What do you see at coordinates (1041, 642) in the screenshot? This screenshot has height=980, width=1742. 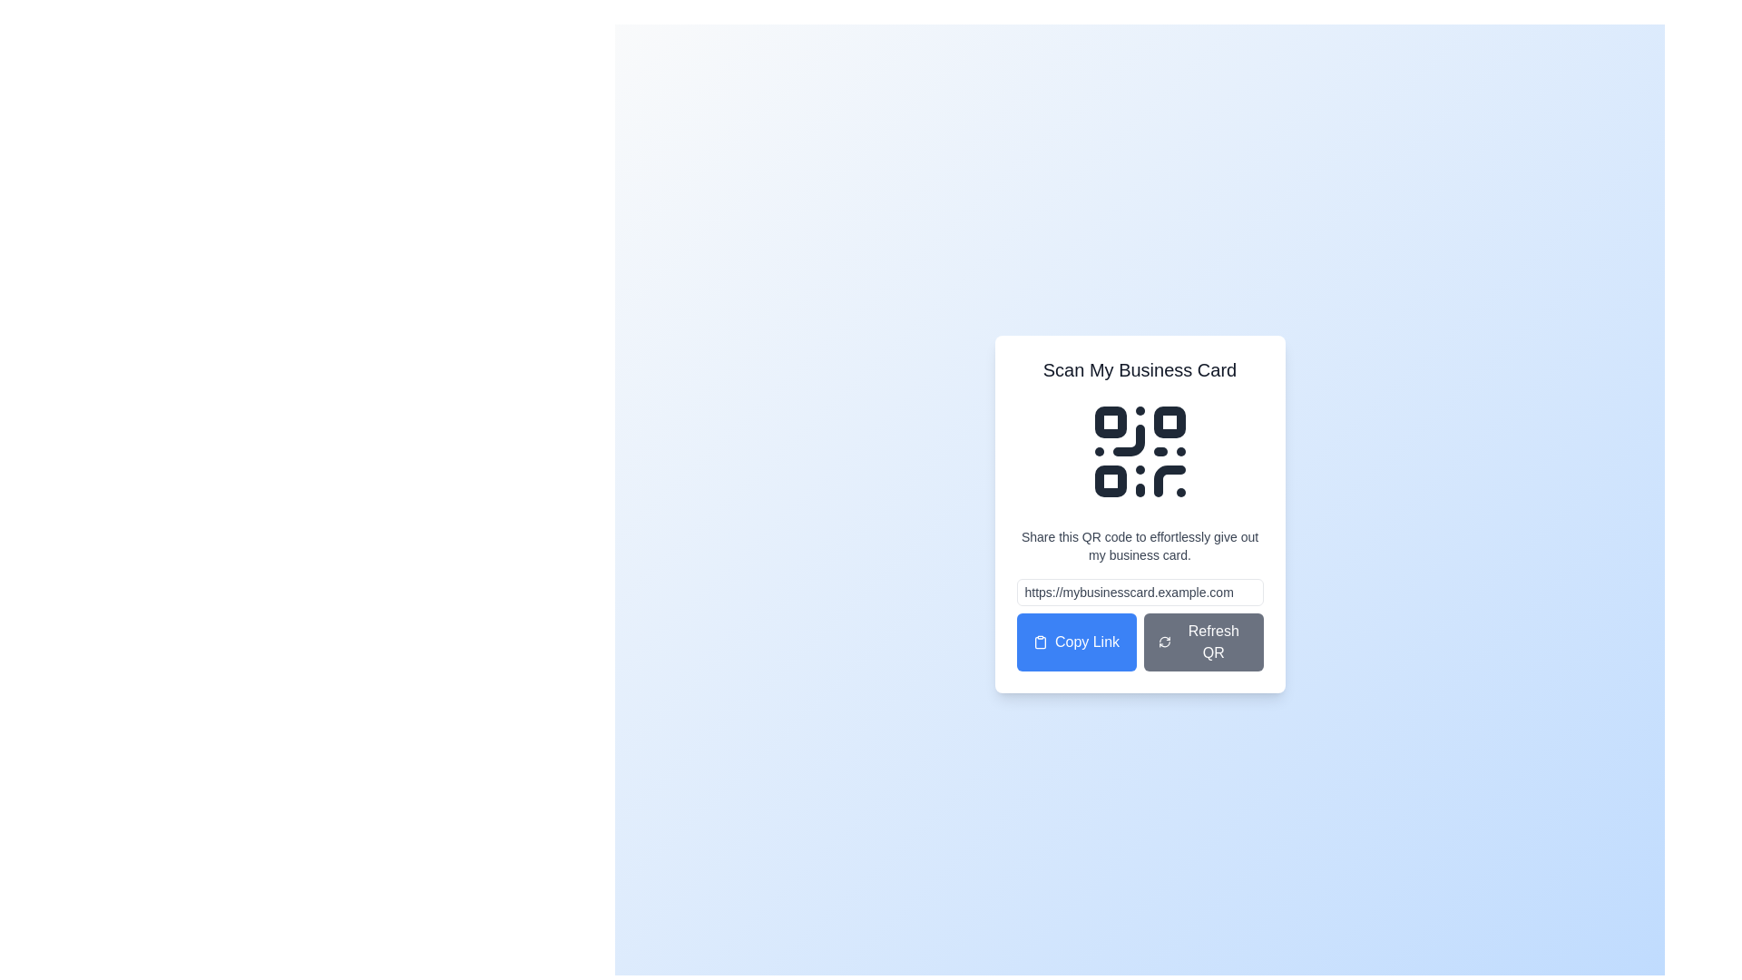 I see `the decorative icon representing the 'Copy Link' functionality, which is positioned to the left of the button's label text` at bounding box center [1041, 642].